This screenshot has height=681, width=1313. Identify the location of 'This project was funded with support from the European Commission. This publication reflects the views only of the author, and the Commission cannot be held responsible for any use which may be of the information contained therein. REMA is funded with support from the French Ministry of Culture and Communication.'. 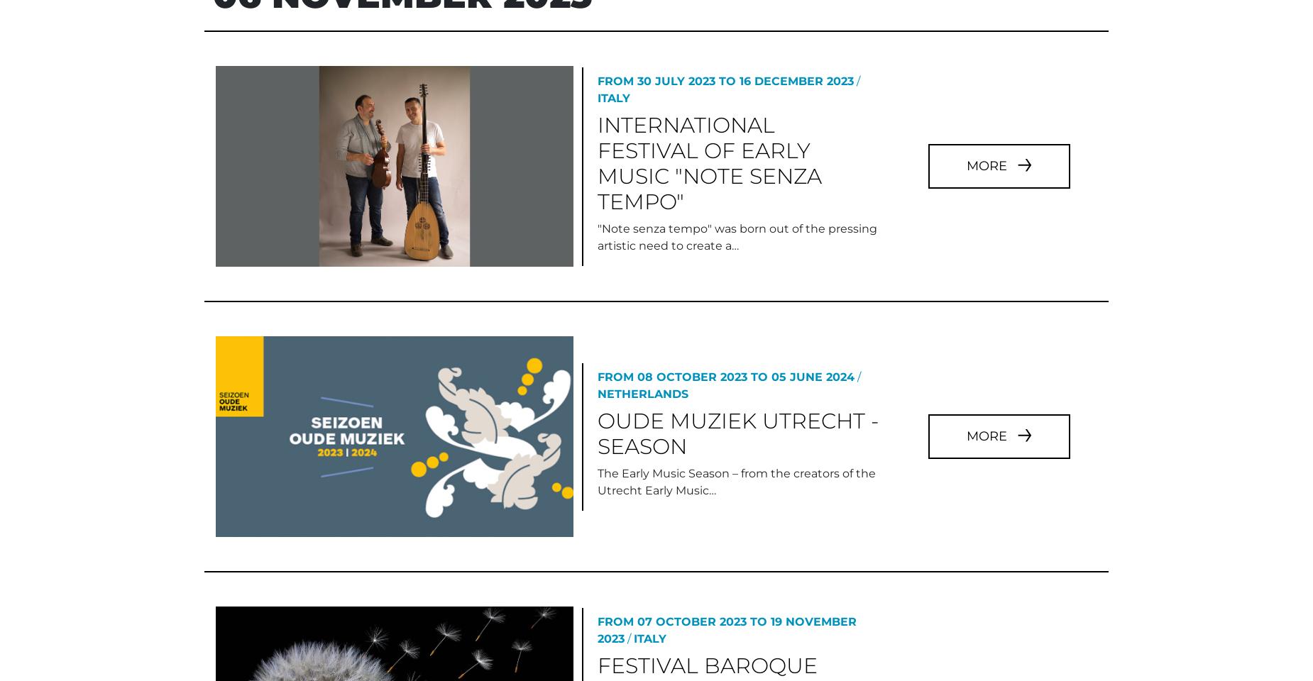
(195, 416).